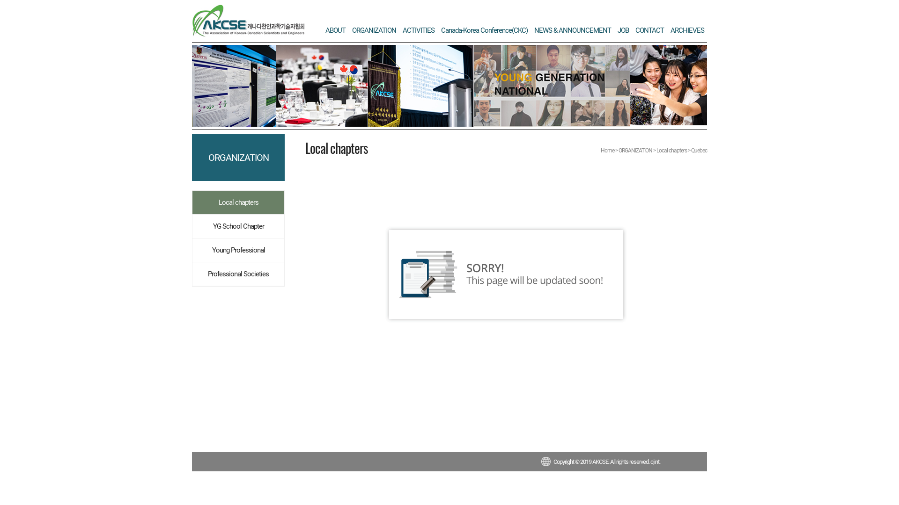  Describe the element at coordinates (418, 30) in the screenshot. I see `'ACTIVITIES'` at that location.